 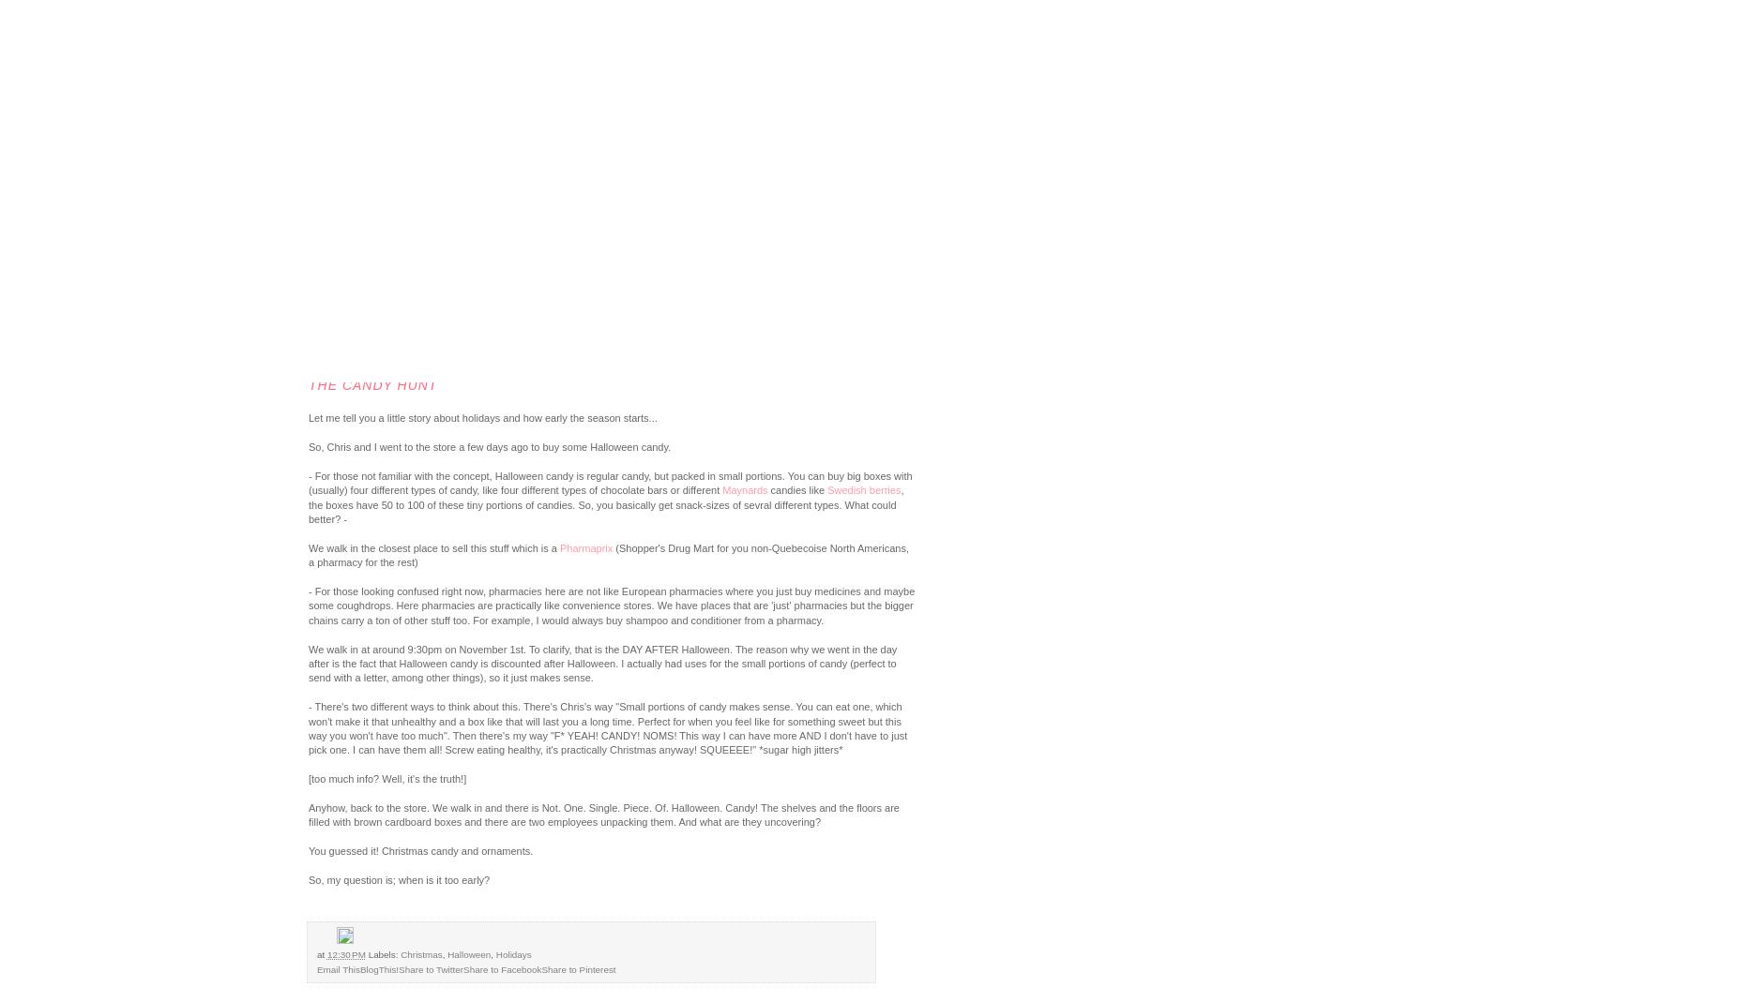 I want to click on 'We walk in at around 9:30pm on November 1st. To clarify, that is the DAY AFTER Halloween. The reason why we went in the day after is the fact that Halloween candy is discounted after Halloween. I actually had uses for the small portions of candy (perfect to send with a letter, among other things), so it just makes sense.', so click(x=601, y=662).